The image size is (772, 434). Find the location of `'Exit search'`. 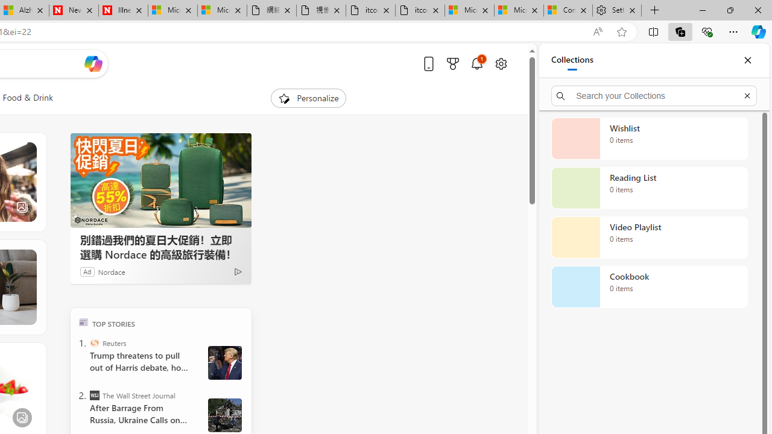

'Exit search' is located at coordinates (747, 95).